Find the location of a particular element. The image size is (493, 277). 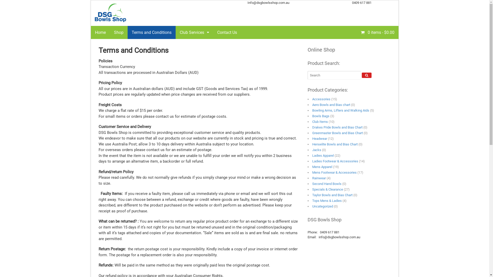

'Bowls Bags' is located at coordinates (320, 116).